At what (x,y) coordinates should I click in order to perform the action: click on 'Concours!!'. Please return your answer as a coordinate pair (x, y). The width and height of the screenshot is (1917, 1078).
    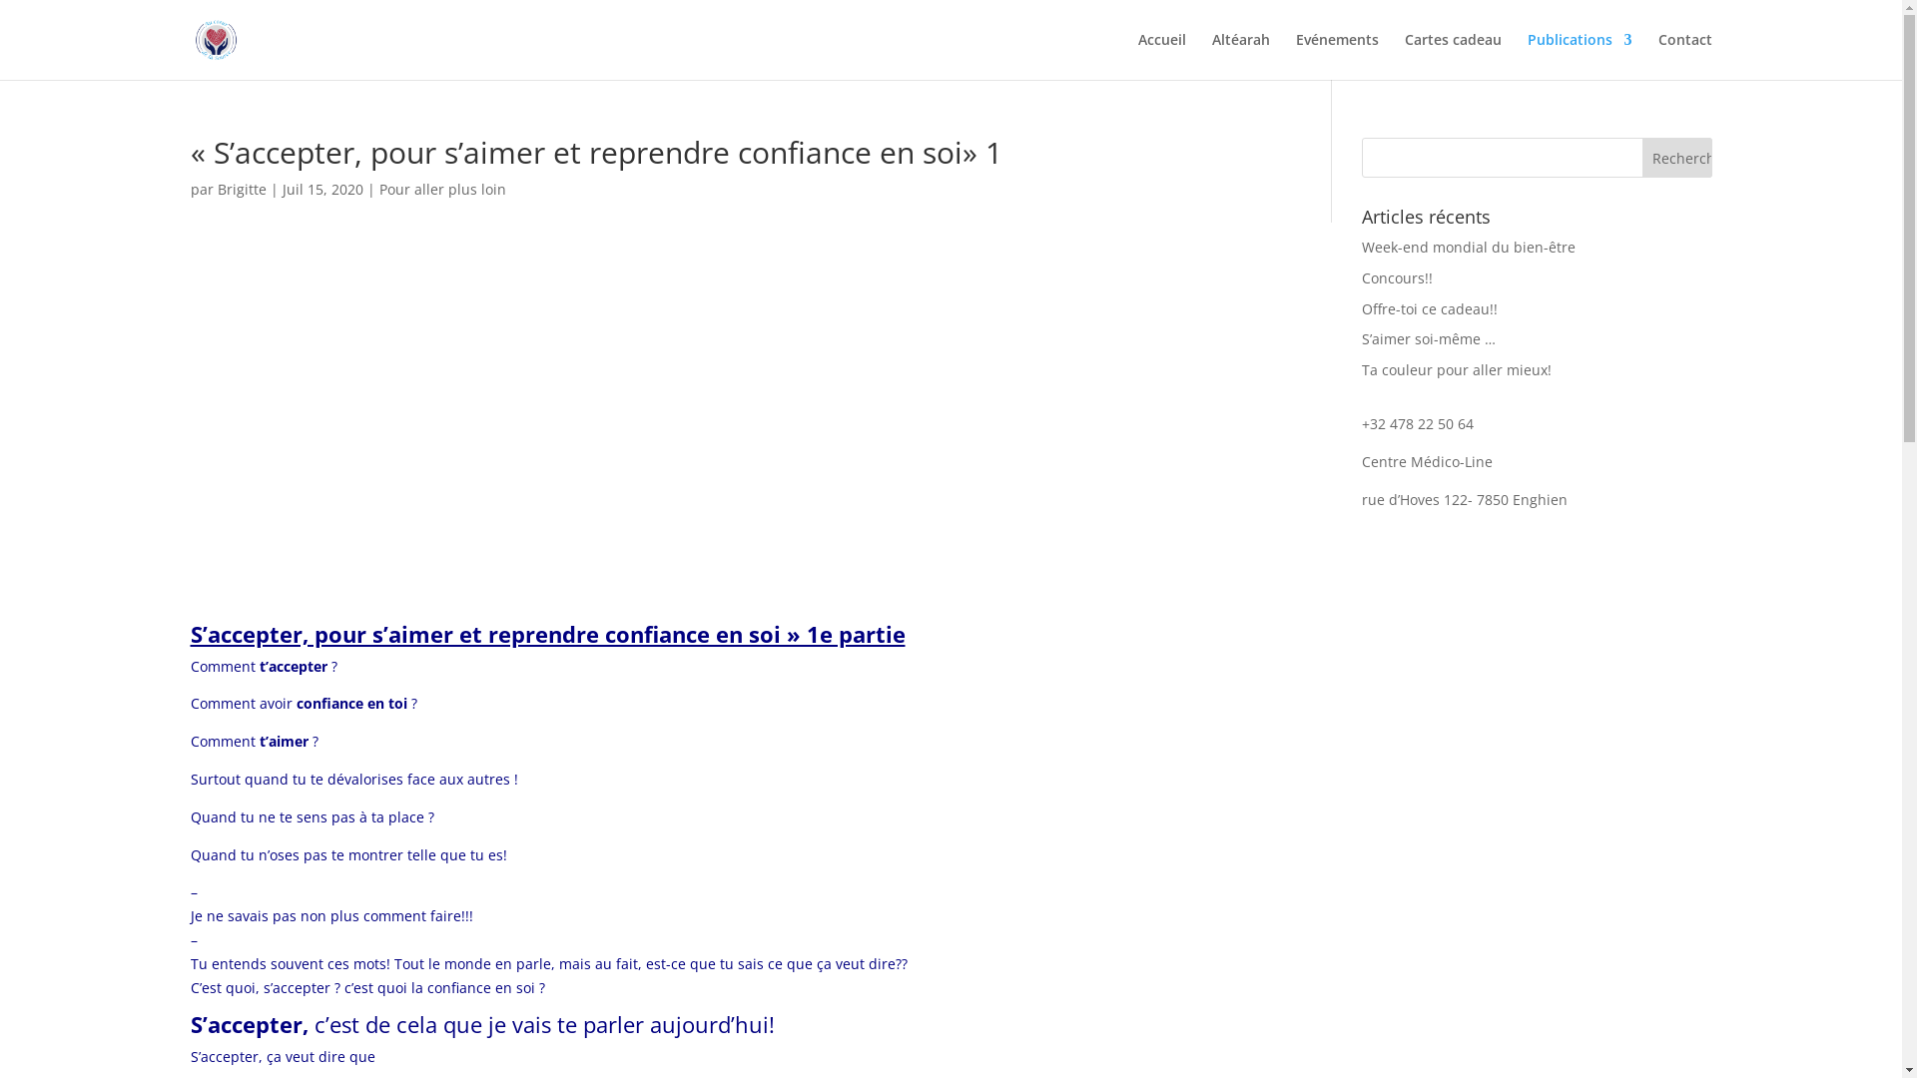
    Looking at the image, I should click on (1396, 277).